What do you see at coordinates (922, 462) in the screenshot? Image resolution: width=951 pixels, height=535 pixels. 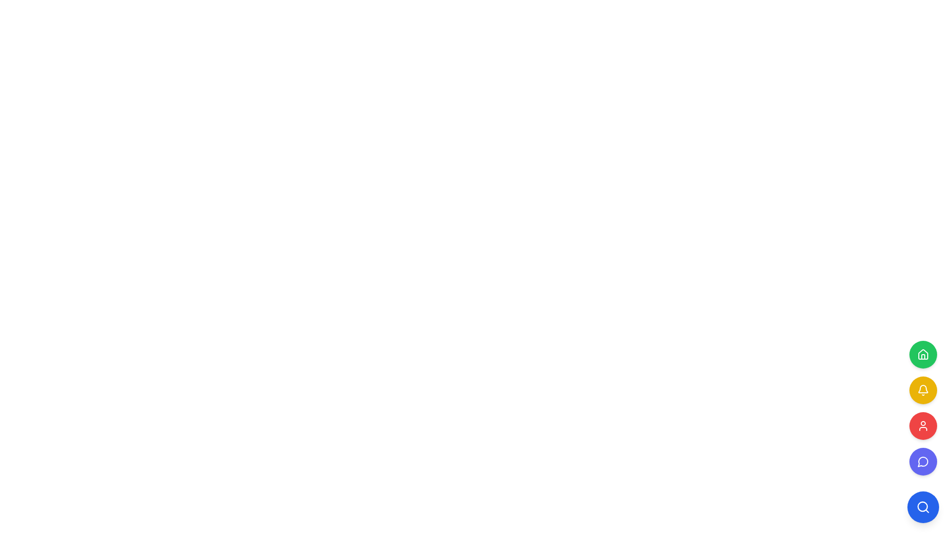 I see `the speech bubble icon button, which is the fifth button from the top in the vertical stack of circular buttons, located near the bottom-right corner of the interface` at bounding box center [922, 462].